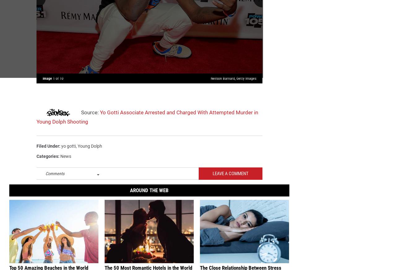 This screenshot has height=270, width=398. I want to click on 'Image', so click(48, 81).